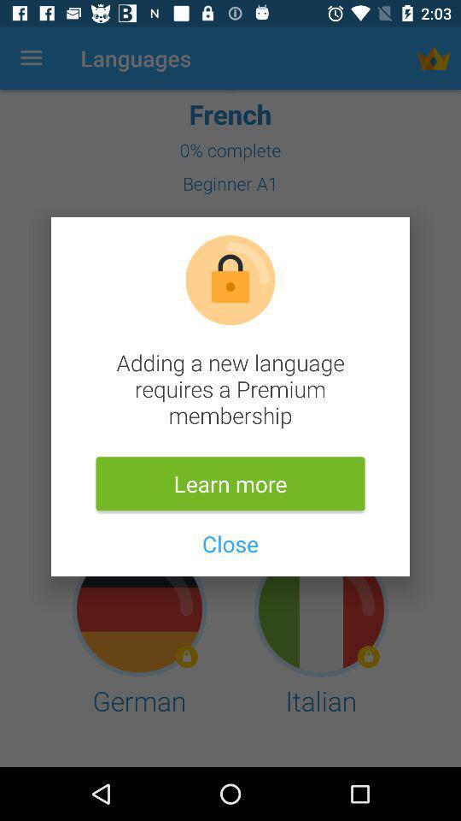 The height and width of the screenshot is (821, 461). What do you see at coordinates (230, 483) in the screenshot?
I see `the icon below the adding a new icon` at bounding box center [230, 483].